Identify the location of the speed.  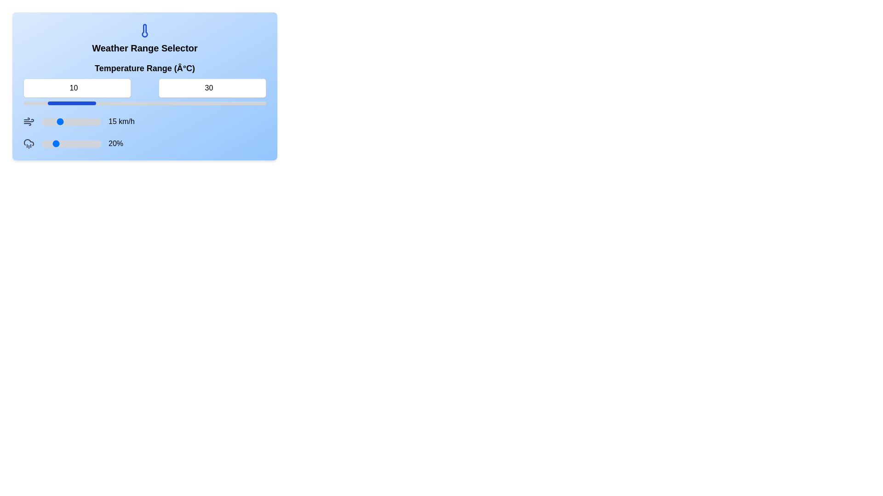
(96, 121).